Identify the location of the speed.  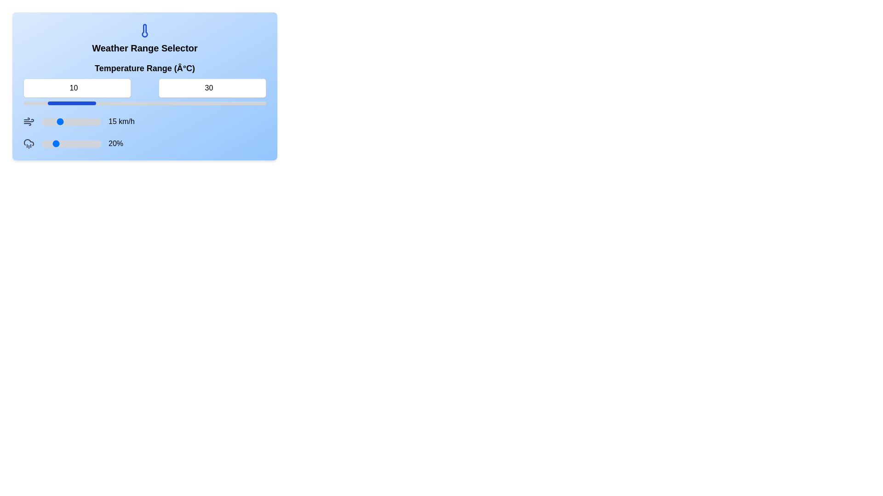
(96, 121).